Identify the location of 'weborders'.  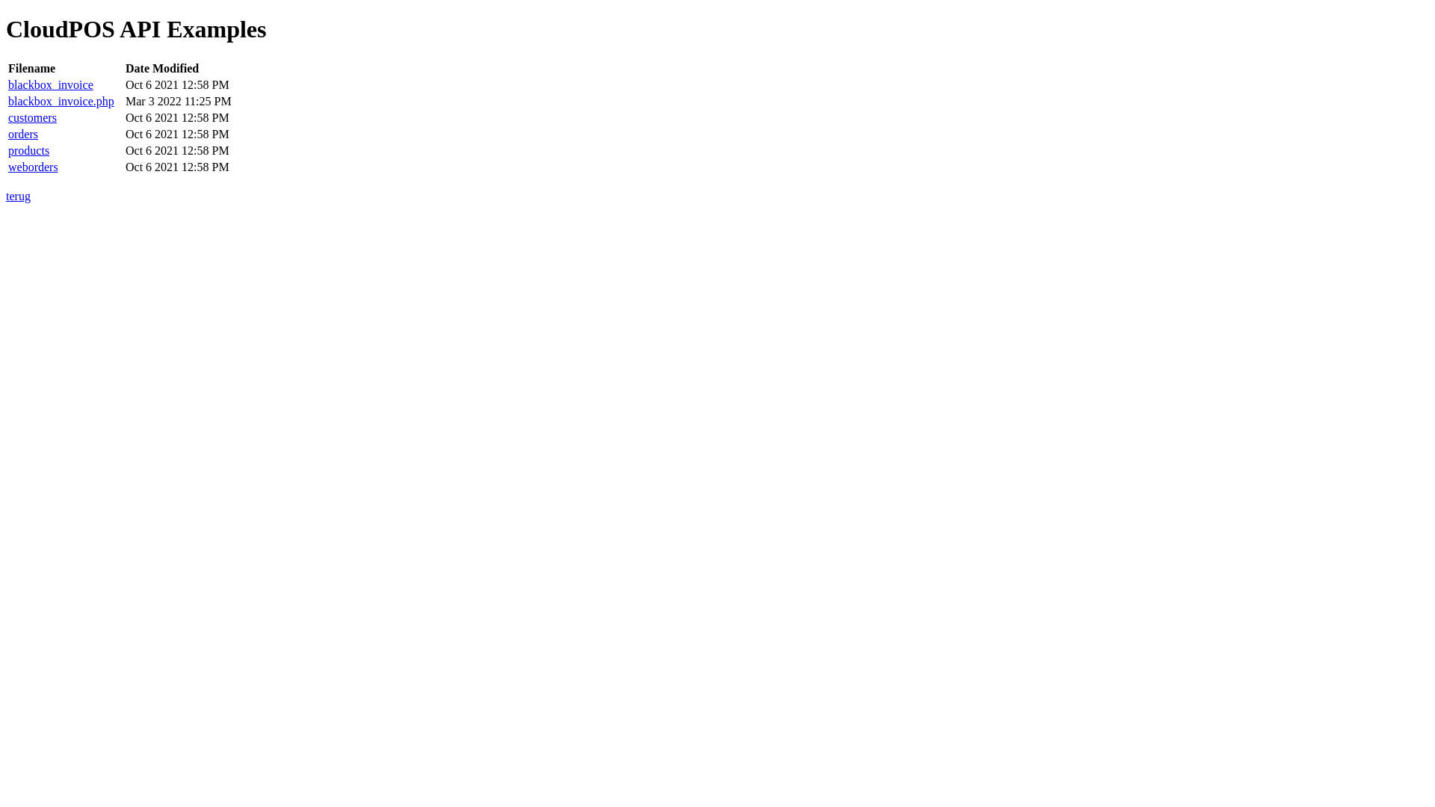
(33, 167).